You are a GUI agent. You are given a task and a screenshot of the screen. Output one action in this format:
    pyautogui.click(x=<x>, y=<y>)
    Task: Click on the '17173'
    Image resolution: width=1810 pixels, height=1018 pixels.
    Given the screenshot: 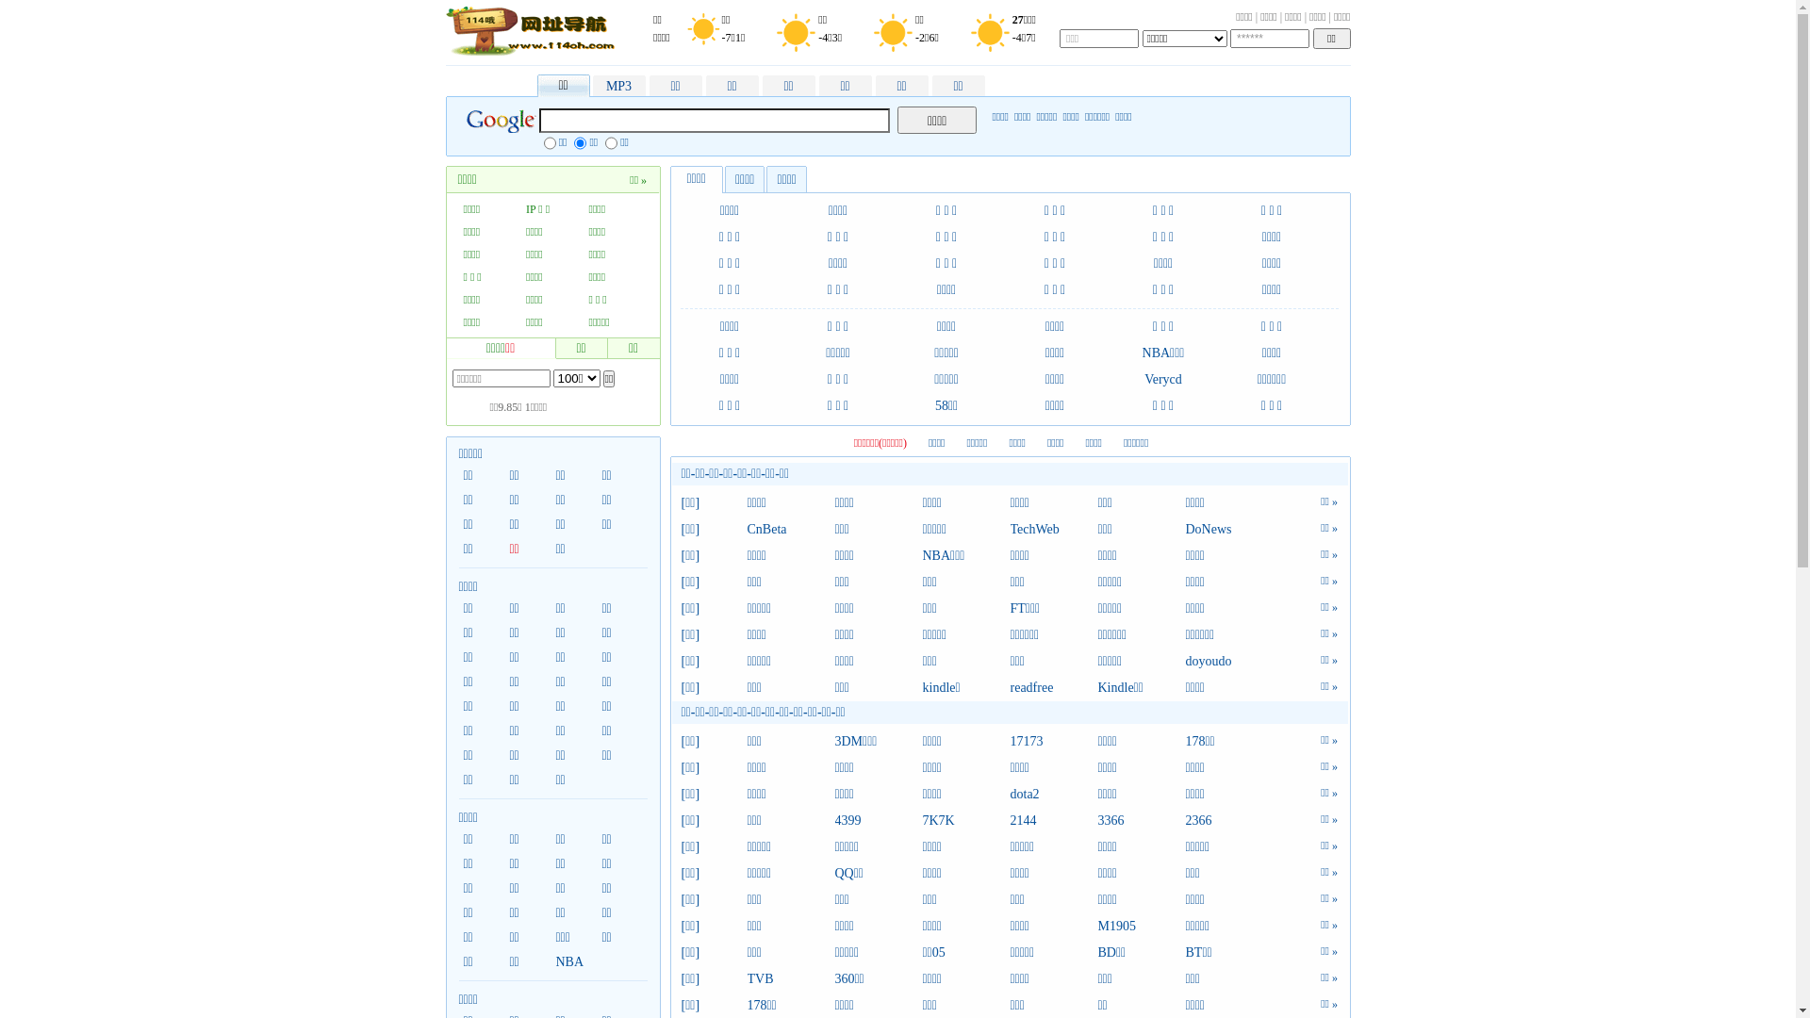 What is the action you would take?
    pyautogui.click(x=1053, y=740)
    